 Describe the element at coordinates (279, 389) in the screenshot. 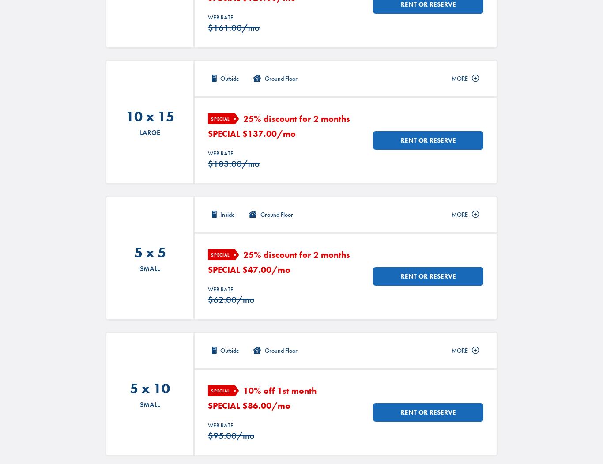

I see `'10% off 1st month'` at that location.